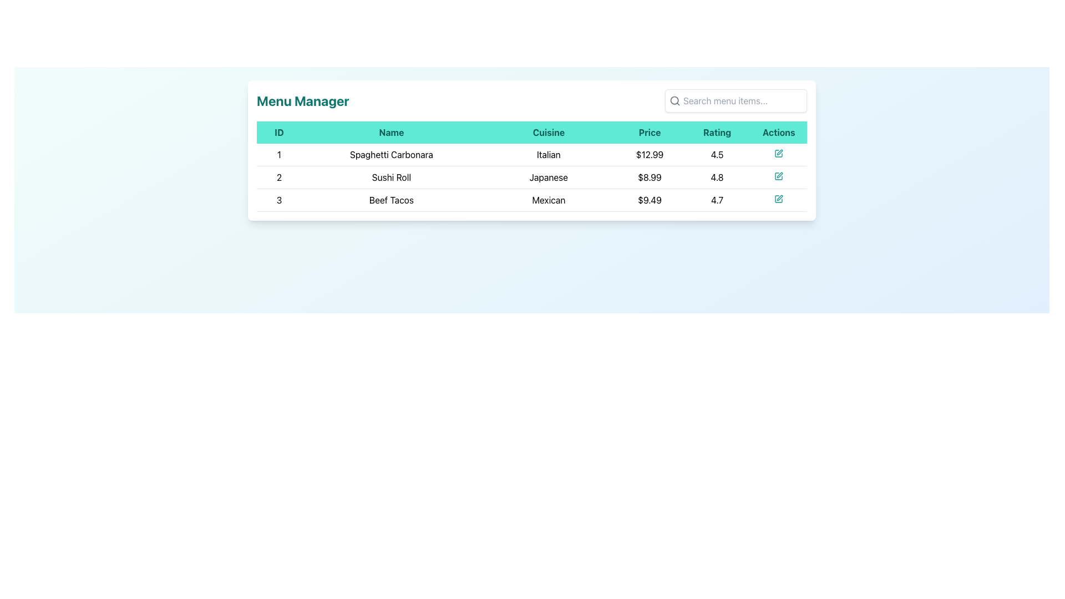 The height and width of the screenshot is (599, 1065). What do you see at coordinates (650, 177) in the screenshot?
I see `the price label displaying '$8.99' in bold black text, located in the 'Price' column of the second row corresponding to the menu item 'Sushi Roll'` at bounding box center [650, 177].